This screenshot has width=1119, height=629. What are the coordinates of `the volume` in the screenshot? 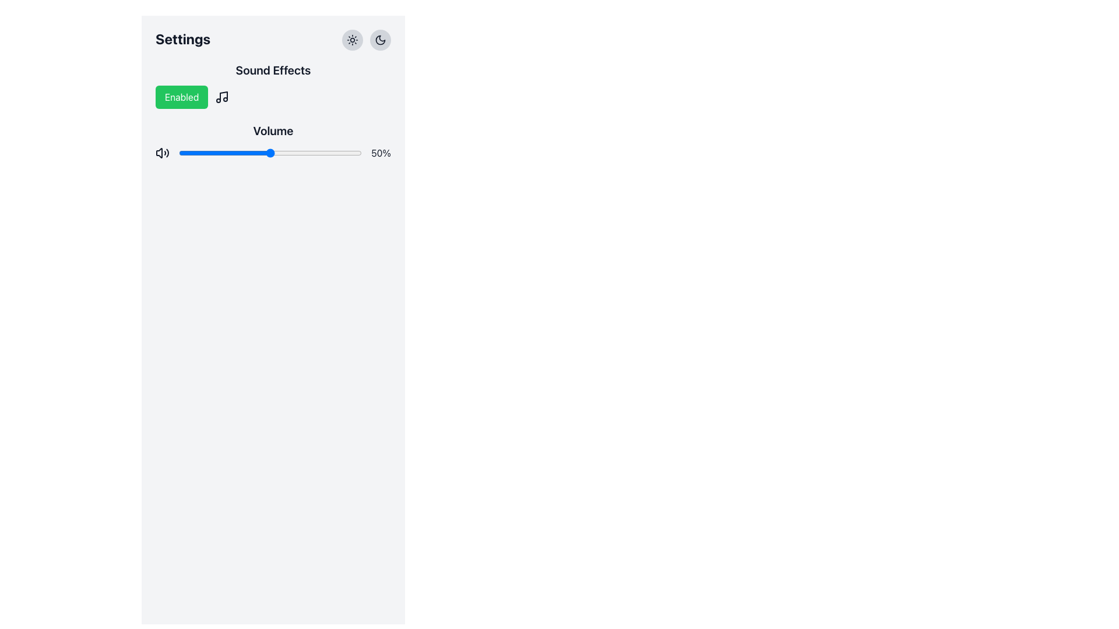 It's located at (204, 152).